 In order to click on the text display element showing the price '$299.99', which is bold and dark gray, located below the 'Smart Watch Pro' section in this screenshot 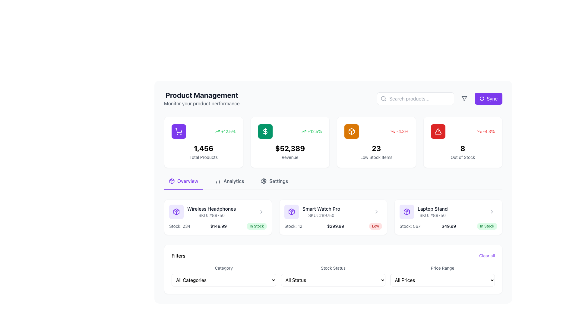, I will do `click(335, 226)`.